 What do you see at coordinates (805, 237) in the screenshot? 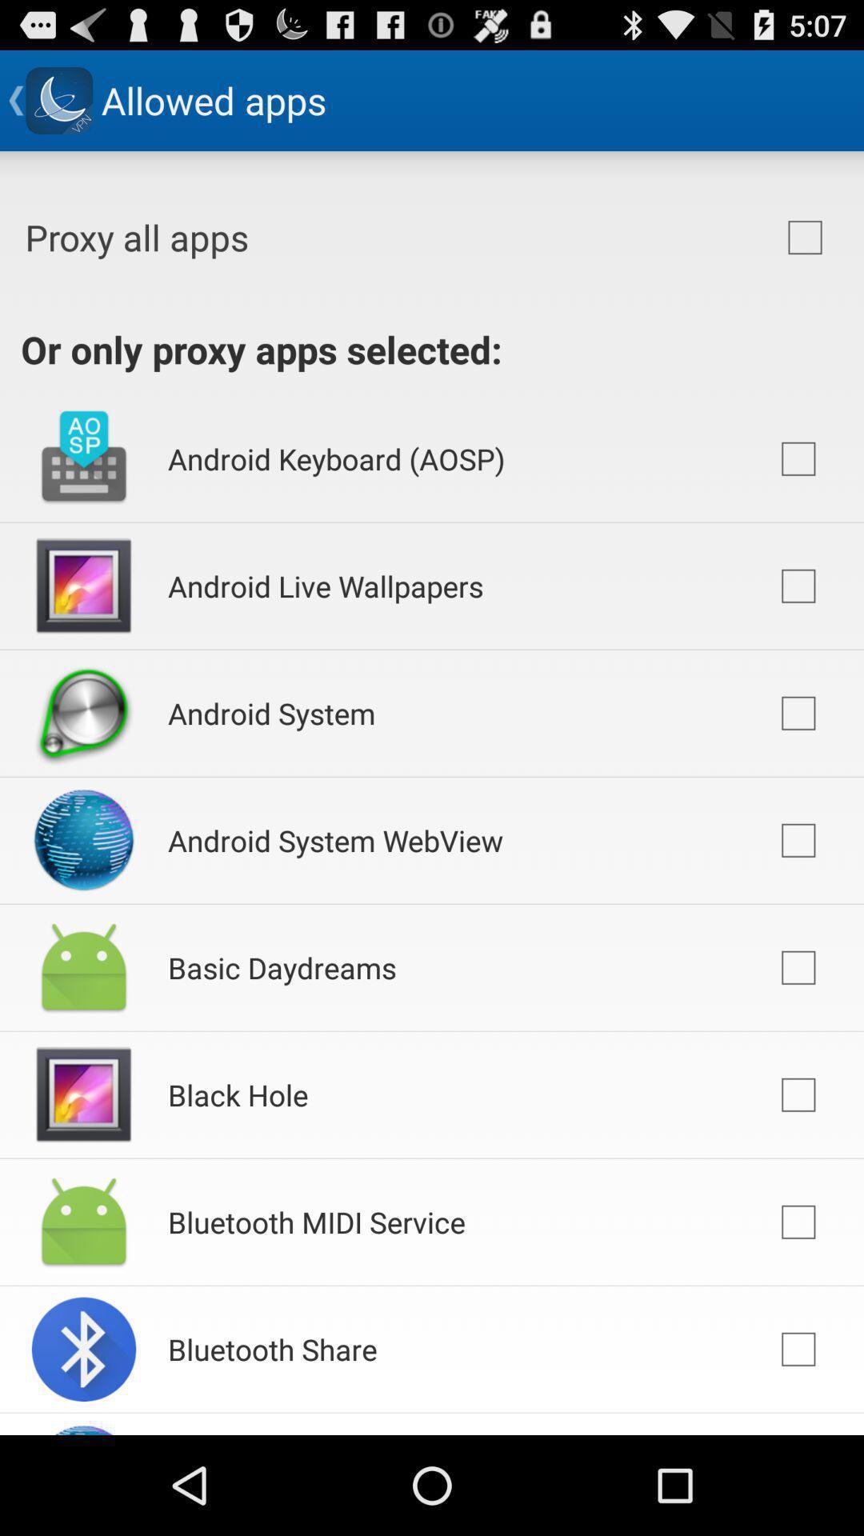
I see `the item above or only proxy item` at bounding box center [805, 237].